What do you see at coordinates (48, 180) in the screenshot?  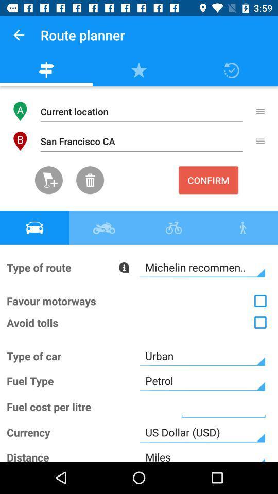 I see `the cart icon` at bounding box center [48, 180].